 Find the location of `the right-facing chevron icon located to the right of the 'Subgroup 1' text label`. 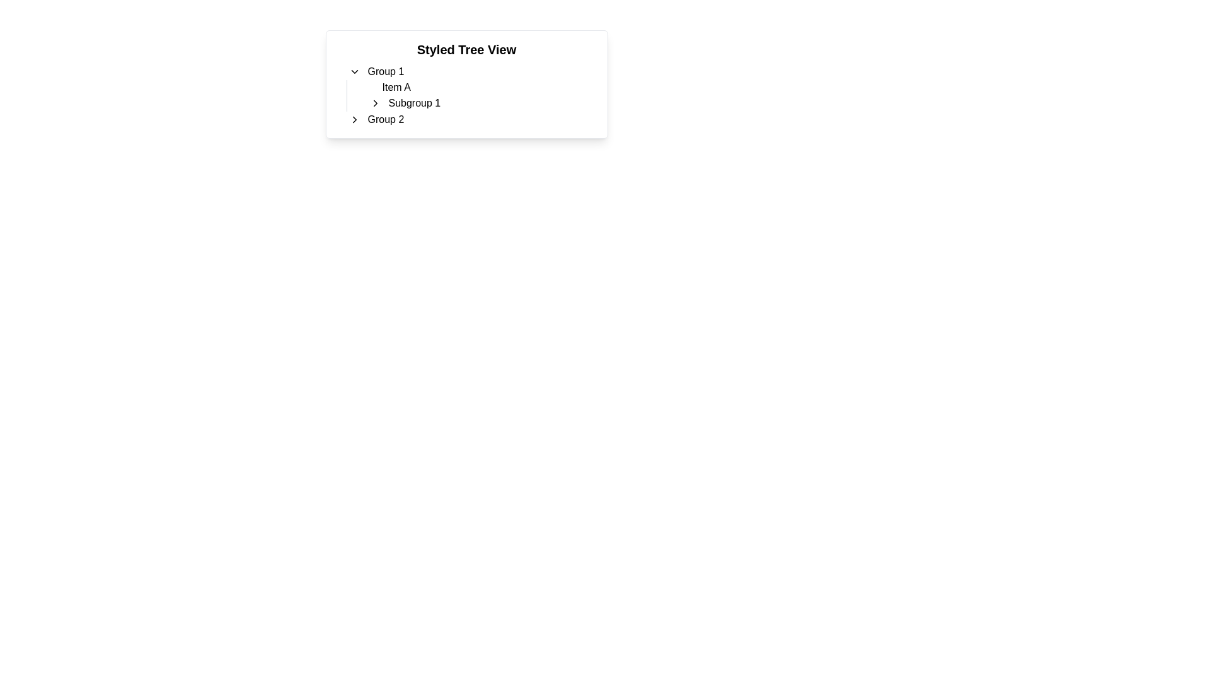

the right-facing chevron icon located to the right of the 'Subgroup 1' text label is located at coordinates (374, 103).